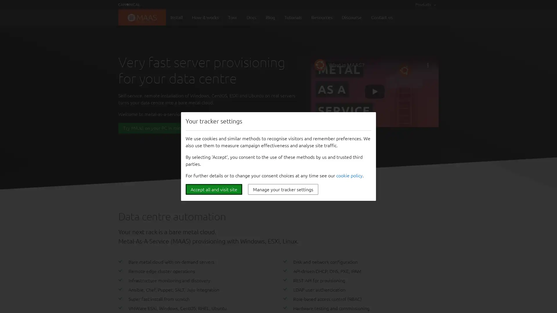 This screenshot has width=557, height=313. What do you see at coordinates (214, 189) in the screenshot?
I see `Accept all and visit site` at bounding box center [214, 189].